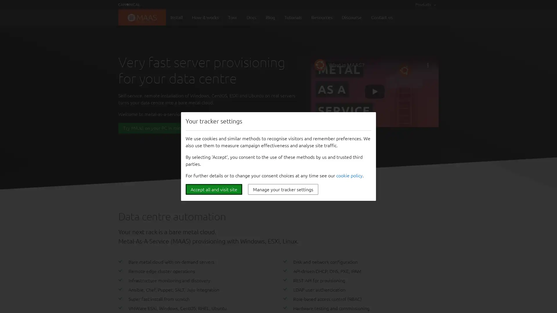 This screenshot has width=557, height=313. What do you see at coordinates (214, 189) in the screenshot?
I see `Accept all and visit site` at bounding box center [214, 189].